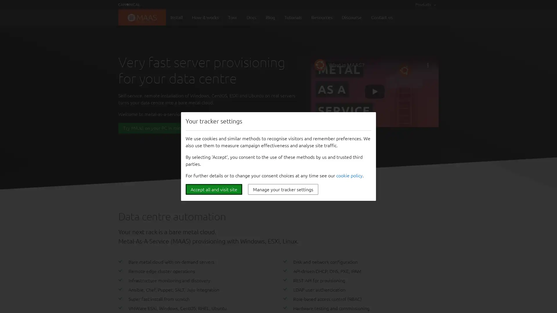 This screenshot has width=557, height=313. What do you see at coordinates (214, 189) in the screenshot?
I see `Accept all and visit site` at bounding box center [214, 189].